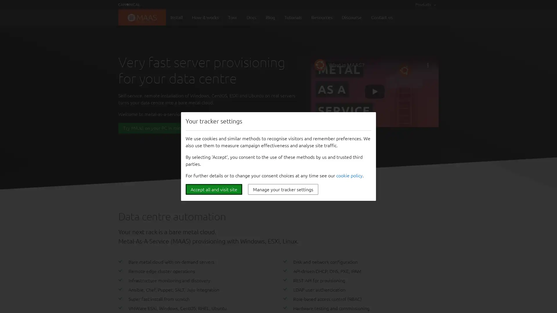 This screenshot has width=557, height=313. What do you see at coordinates (214, 189) in the screenshot?
I see `Accept all and visit site` at bounding box center [214, 189].